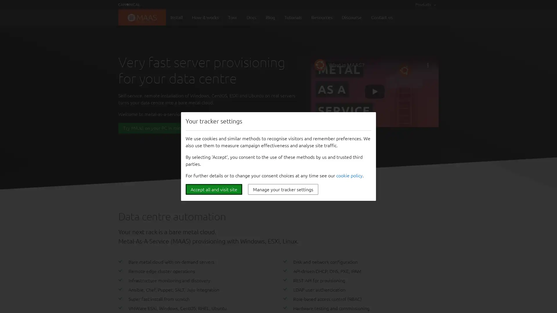 This screenshot has width=557, height=313. What do you see at coordinates (214, 189) in the screenshot?
I see `Accept all and visit site` at bounding box center [214, 189].